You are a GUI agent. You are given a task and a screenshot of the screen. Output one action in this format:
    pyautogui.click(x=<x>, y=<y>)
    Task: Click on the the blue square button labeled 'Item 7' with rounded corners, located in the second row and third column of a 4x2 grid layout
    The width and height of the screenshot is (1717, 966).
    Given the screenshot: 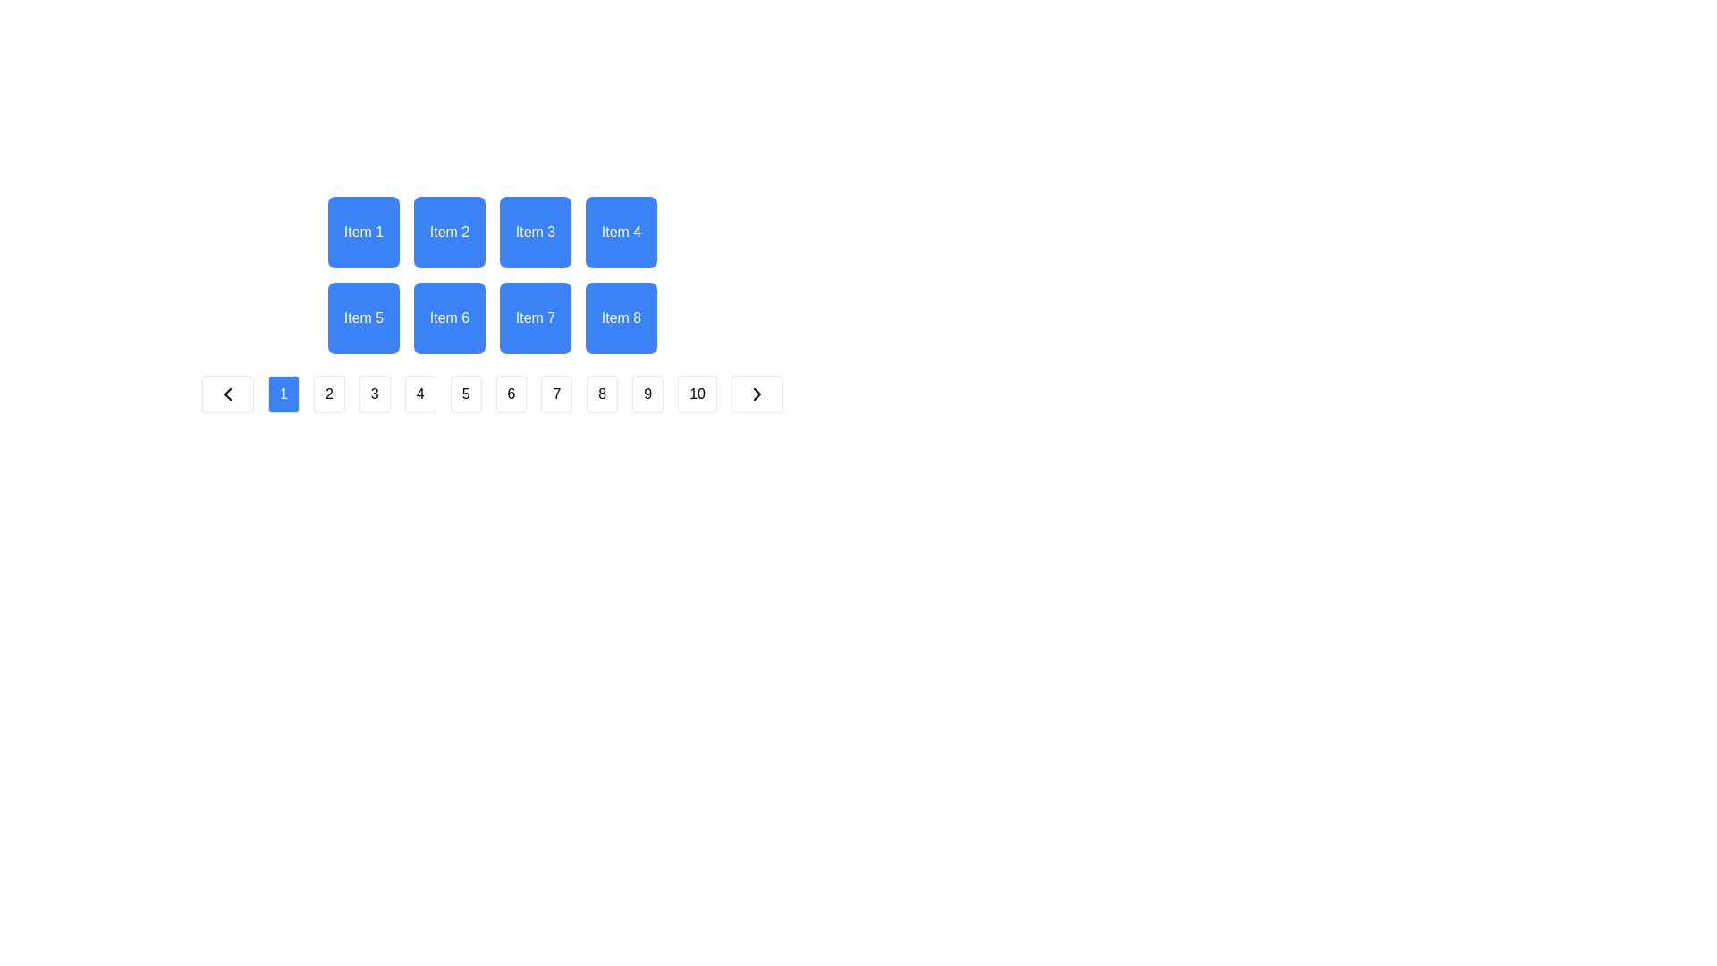 What is the action you would take?
    pyautogui.click(x=535, y=317)
    